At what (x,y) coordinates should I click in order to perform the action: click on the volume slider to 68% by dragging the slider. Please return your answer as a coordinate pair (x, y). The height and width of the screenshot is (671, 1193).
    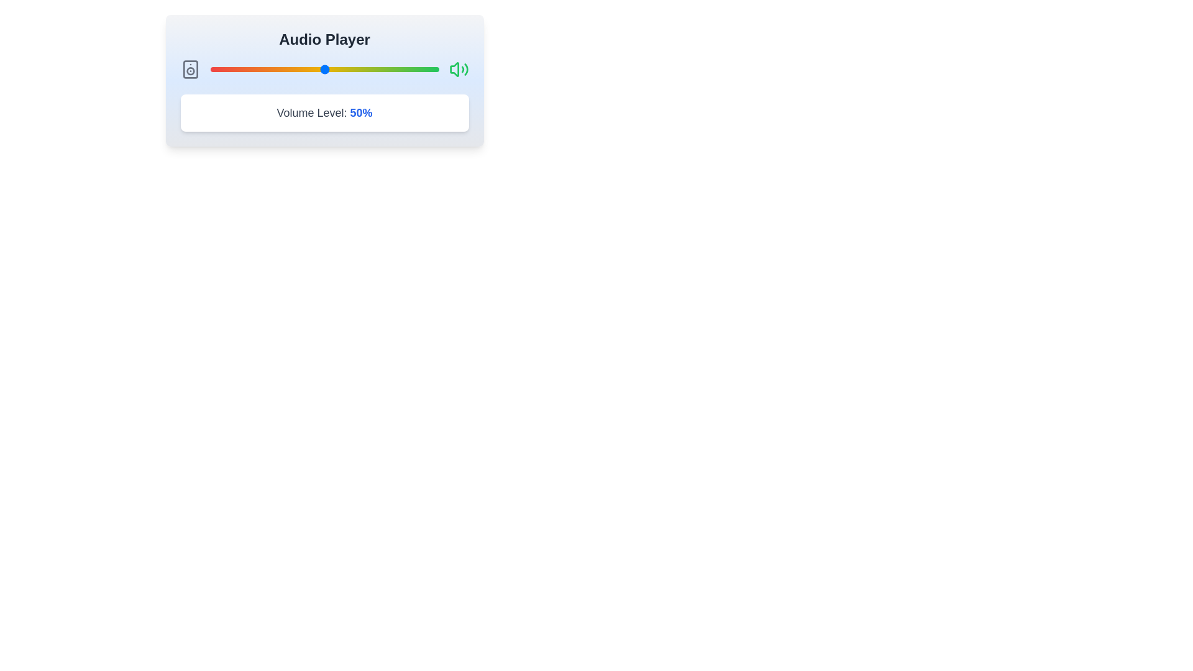
    Looking at the image, I should click on (365, 69).